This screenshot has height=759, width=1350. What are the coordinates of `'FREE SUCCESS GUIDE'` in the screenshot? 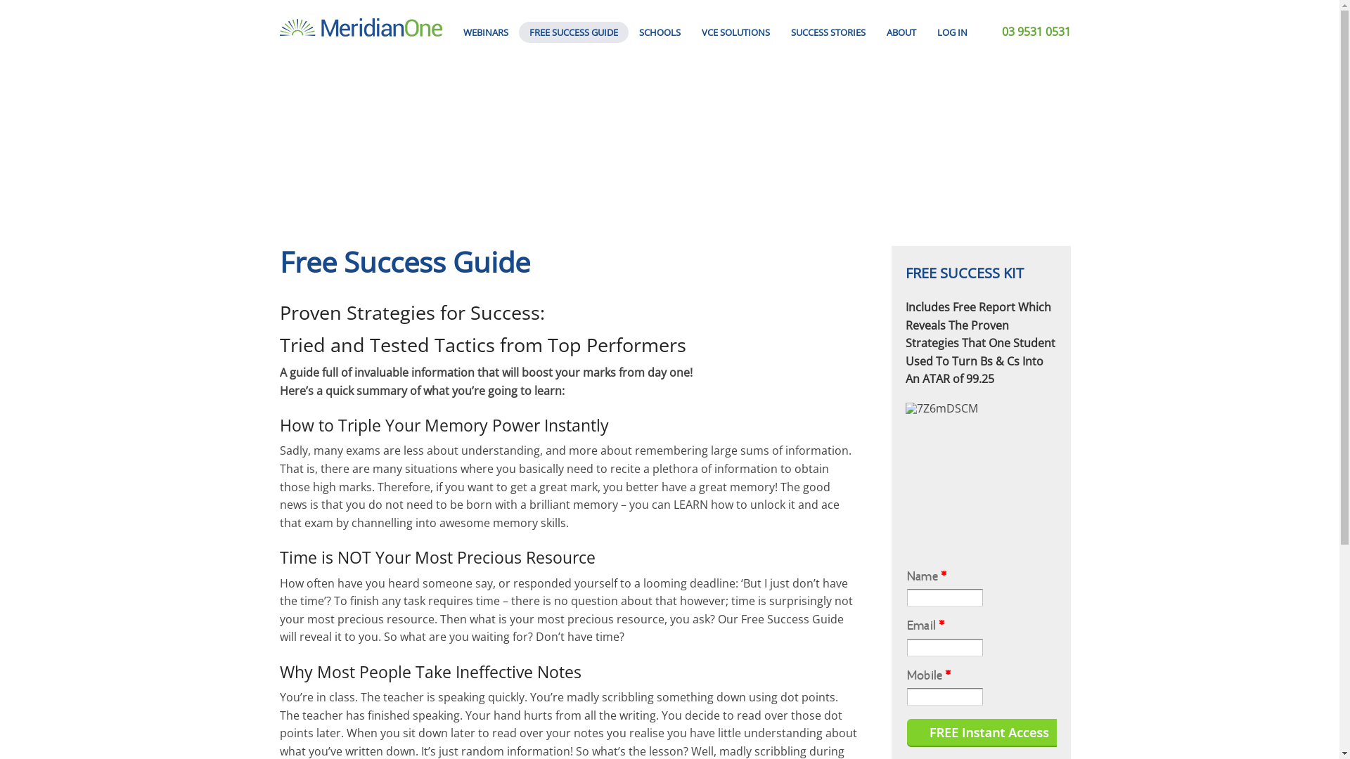 It's located at (574, 32).